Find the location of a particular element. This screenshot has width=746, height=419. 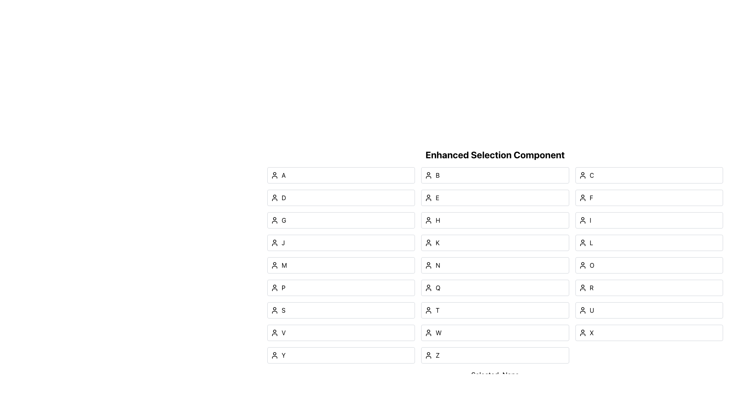

the button with a user icon and the letter 'H', located in the middle column of the grid is located at coordinates (495, 220).